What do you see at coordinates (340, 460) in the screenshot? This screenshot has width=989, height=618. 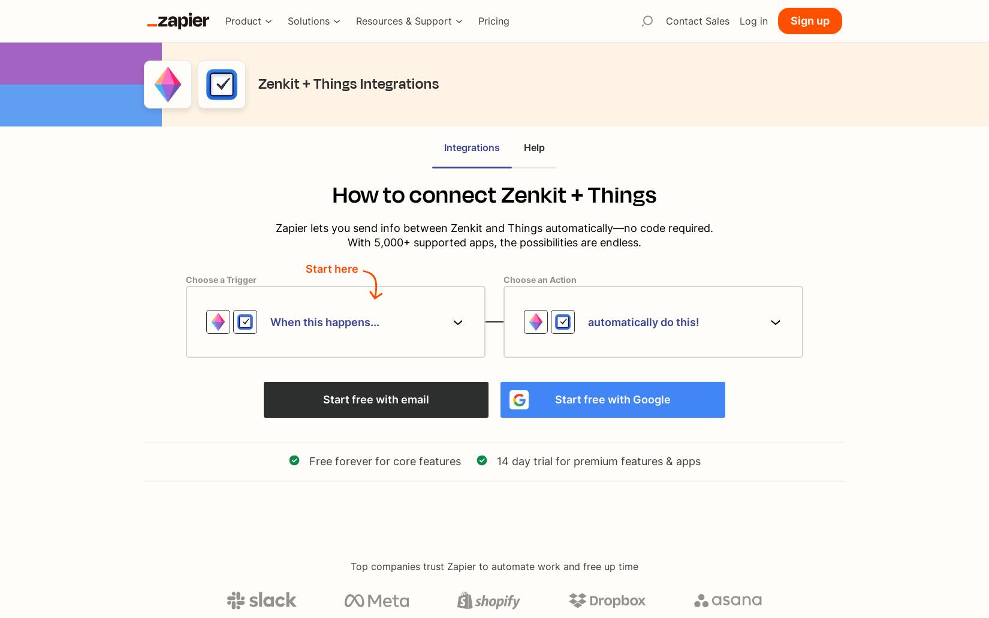 I see `'Free forever'` at bounding box center [340, 460].